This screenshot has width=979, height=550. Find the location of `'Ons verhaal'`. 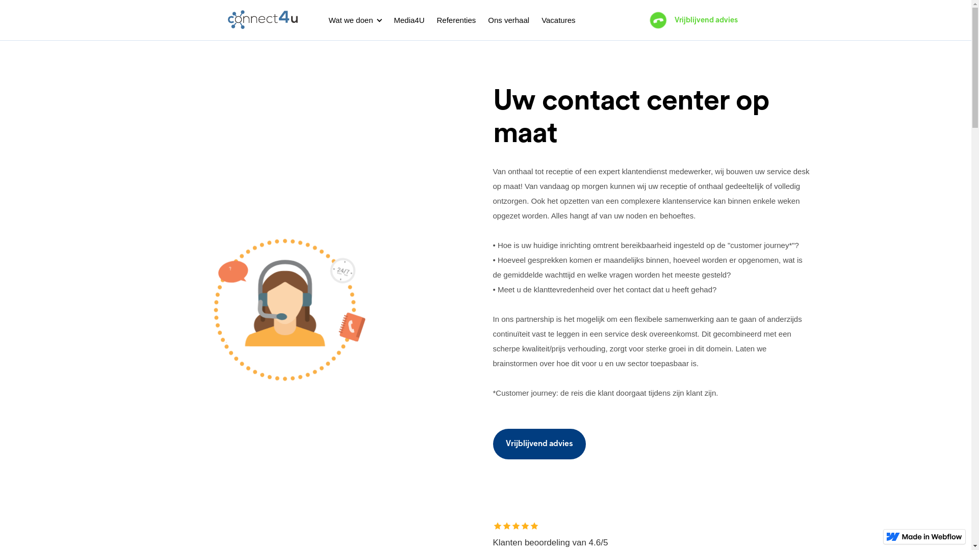

'Ons verhaal' is located at coordinates (508, 20).